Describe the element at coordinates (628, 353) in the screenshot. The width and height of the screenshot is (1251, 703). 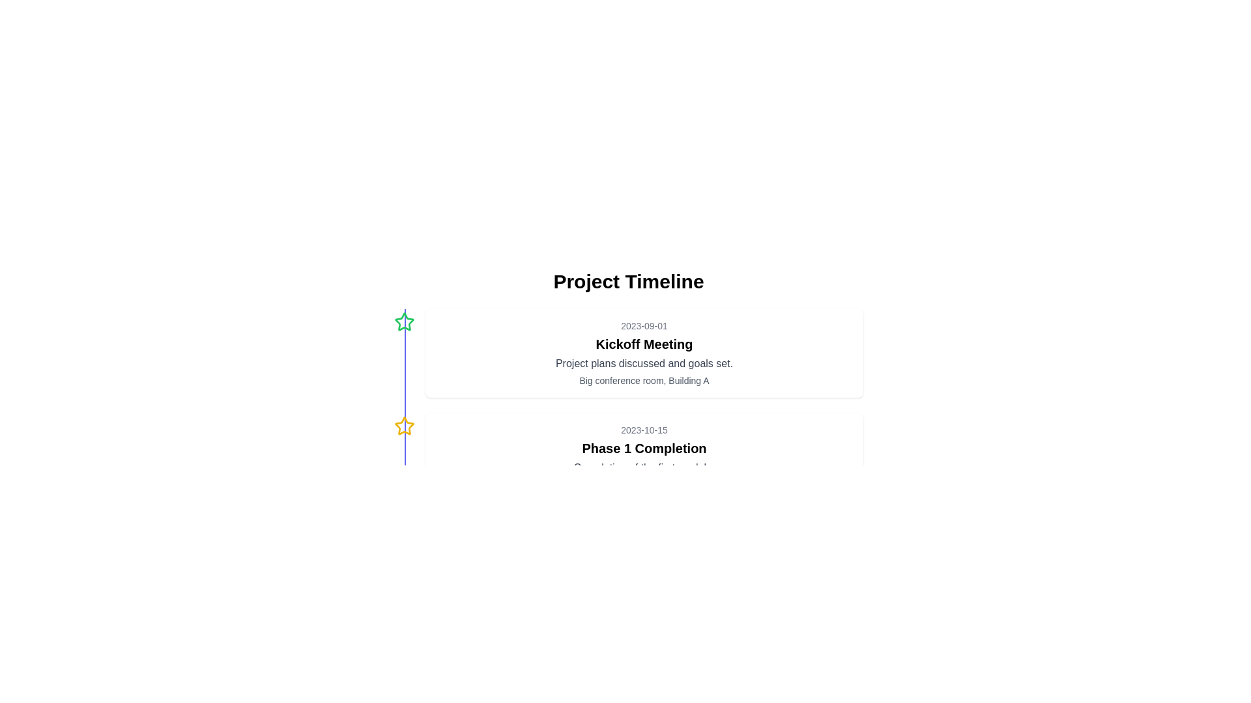
I see `the Informational Panel containing the title 'Kickoff Meeting'` at that location.